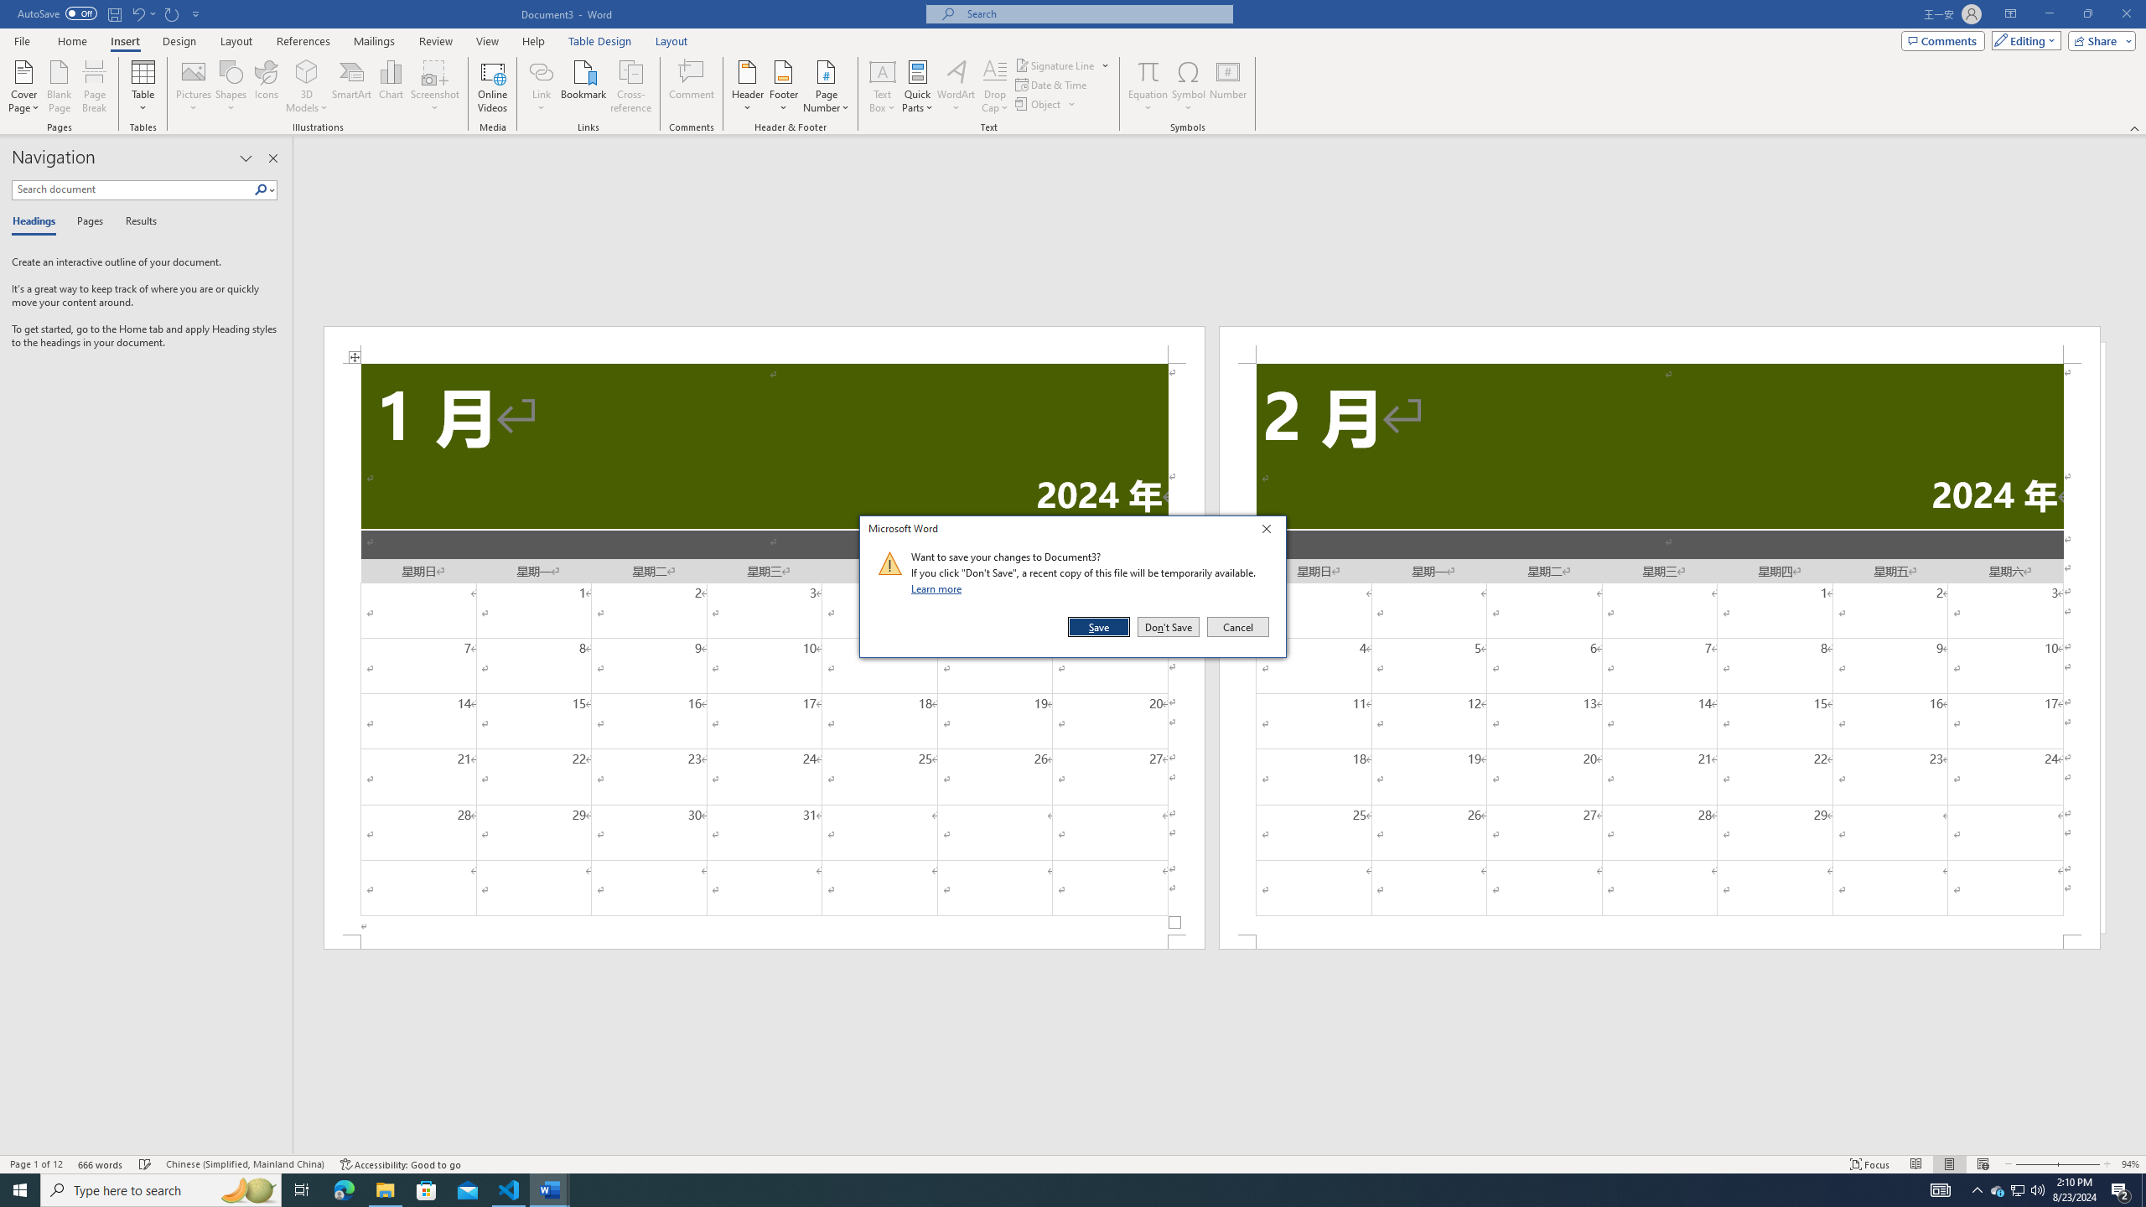 The width and height of the screenshot is (2146, 1207). Describe the element at coordinates (384, 1189) in the screenshot. I see `'File Explorer - 1 running window'` at that location.